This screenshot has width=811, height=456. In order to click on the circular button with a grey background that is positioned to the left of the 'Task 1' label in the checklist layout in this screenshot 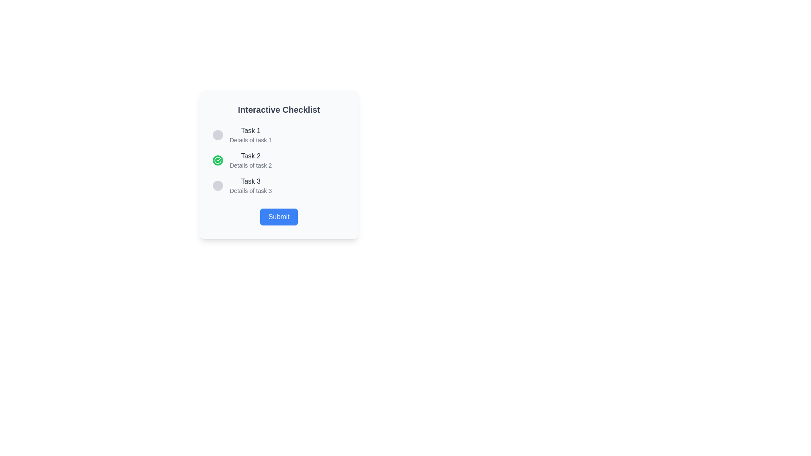, I will do `click(218, 135)`.